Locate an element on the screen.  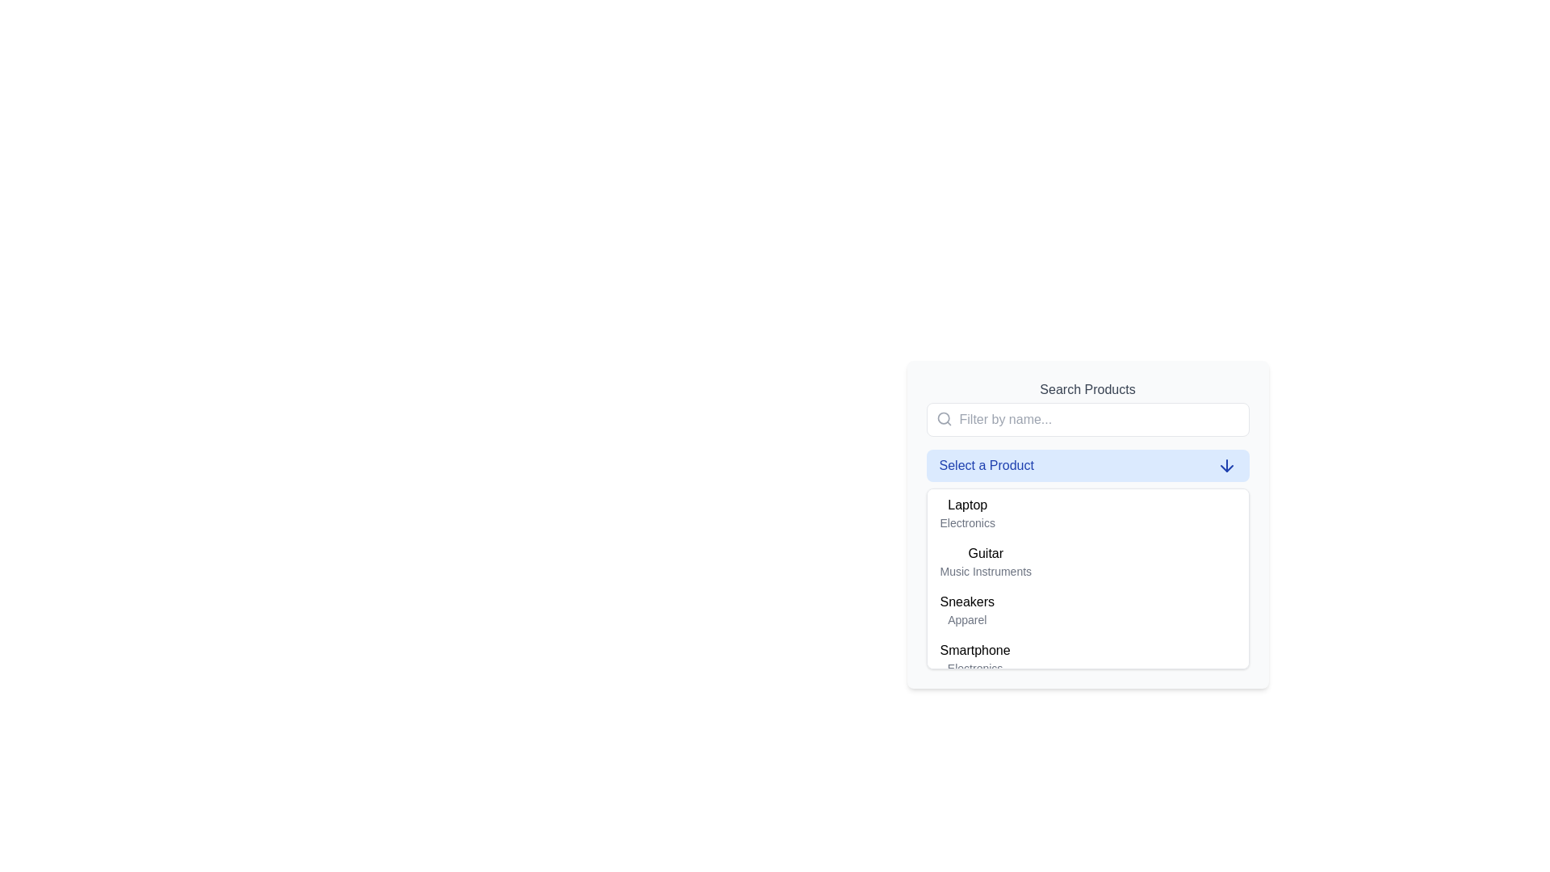
the static text label providing a descriptive categorization for the product 'Smartphone', located directly below the text 'Smartphone' in the dropdown list under the 'Select a Product' section is located at coordinates (974, 669).